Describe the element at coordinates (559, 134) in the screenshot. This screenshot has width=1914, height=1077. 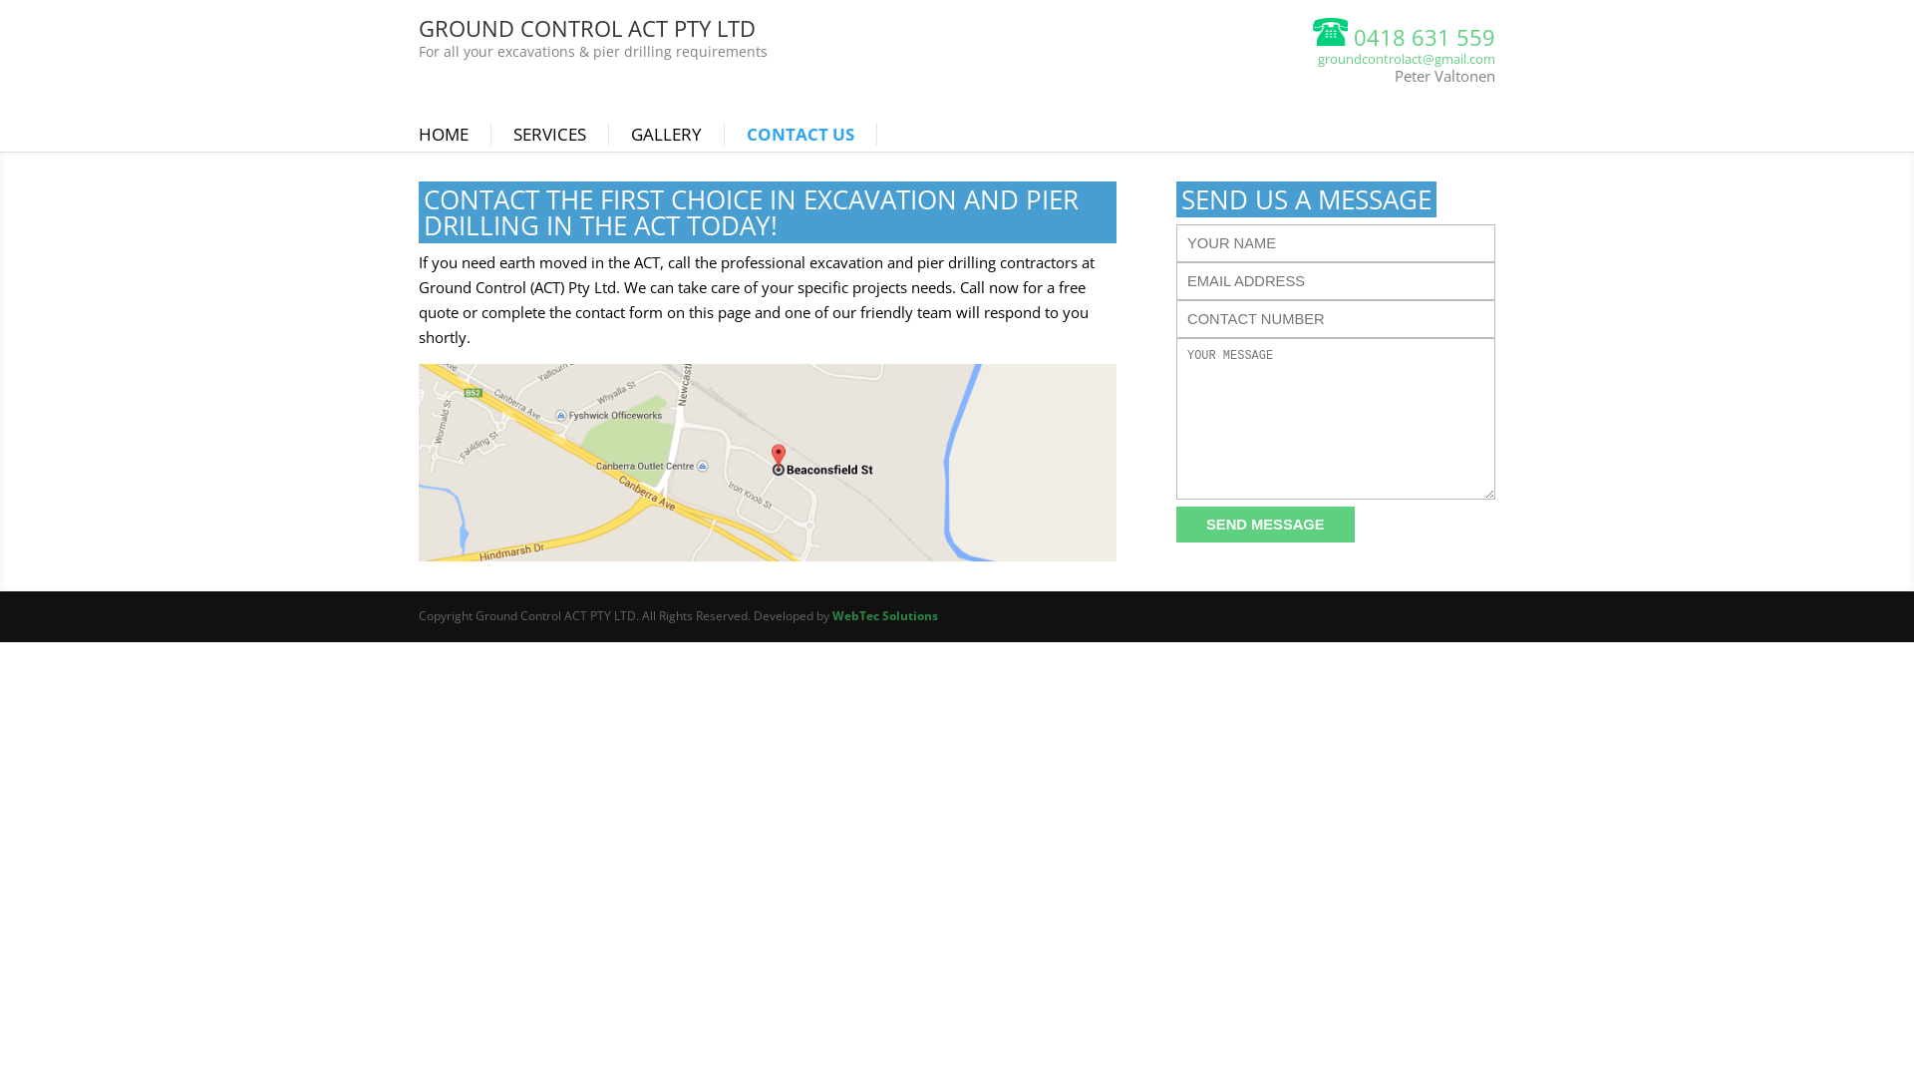
I see `'SERVICES'` at that location.